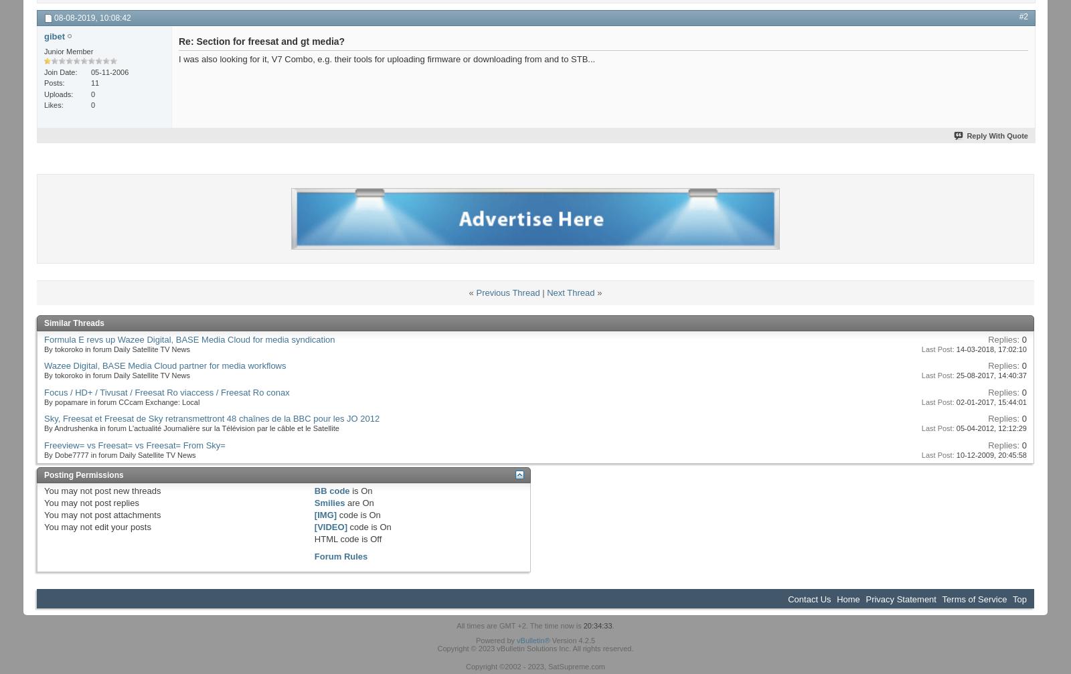  Describe the element at coordinates (119, 454) in the screenshot. I see `'By Dobe7777 in forum Daily Satellite TV News'` at that location.